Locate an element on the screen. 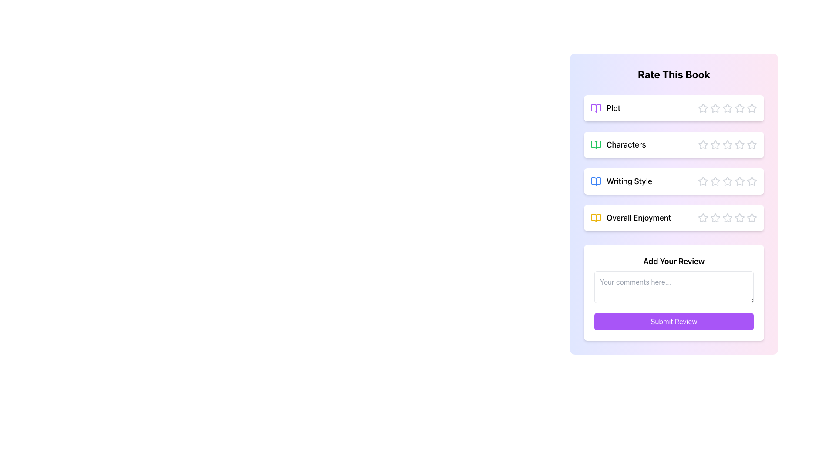 Image resolution: width=836 pixels, height=470 pixels. the second selectable star icon under 'Plot' in the 'Rate This Book' section is located at coordinates (715, 107).